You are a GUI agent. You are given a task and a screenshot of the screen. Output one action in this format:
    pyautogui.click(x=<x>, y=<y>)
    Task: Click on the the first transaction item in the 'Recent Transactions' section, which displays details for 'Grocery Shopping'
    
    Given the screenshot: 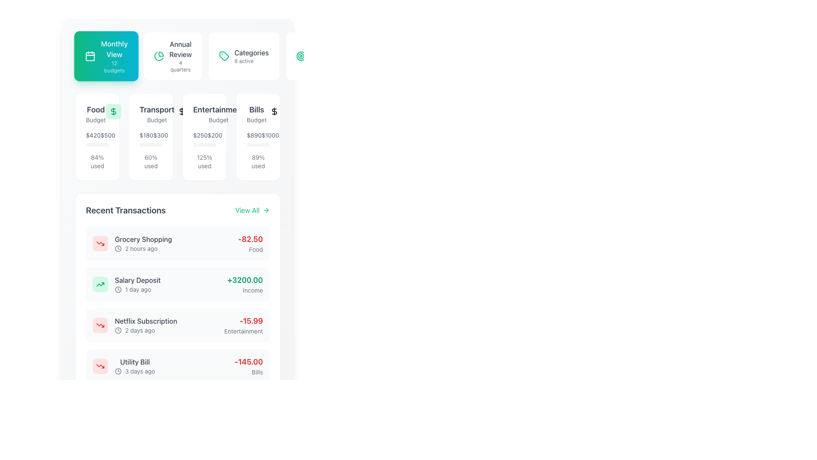 What is the action you would take?
    pyautogui.click(x=177, y=243)
    